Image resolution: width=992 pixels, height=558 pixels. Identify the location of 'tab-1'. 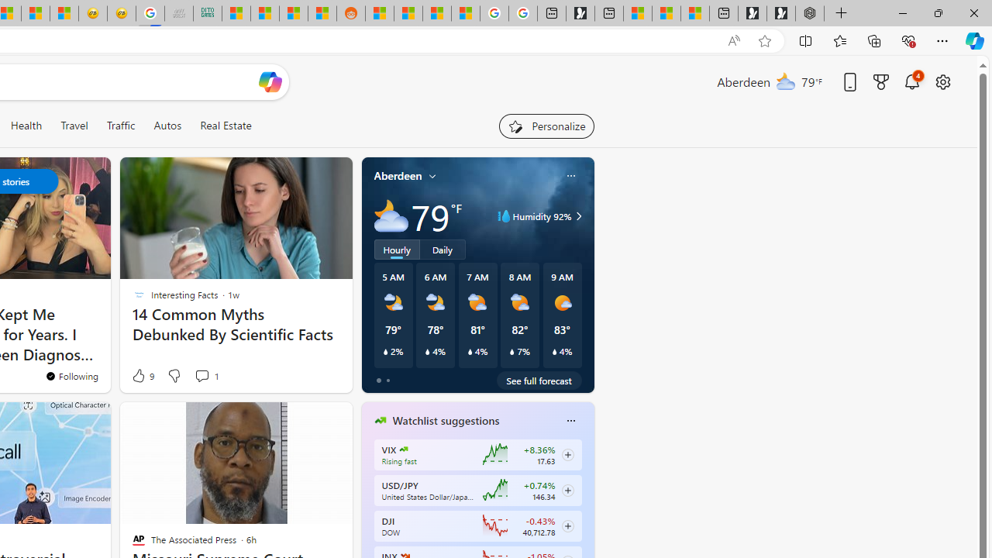
(387, 381).